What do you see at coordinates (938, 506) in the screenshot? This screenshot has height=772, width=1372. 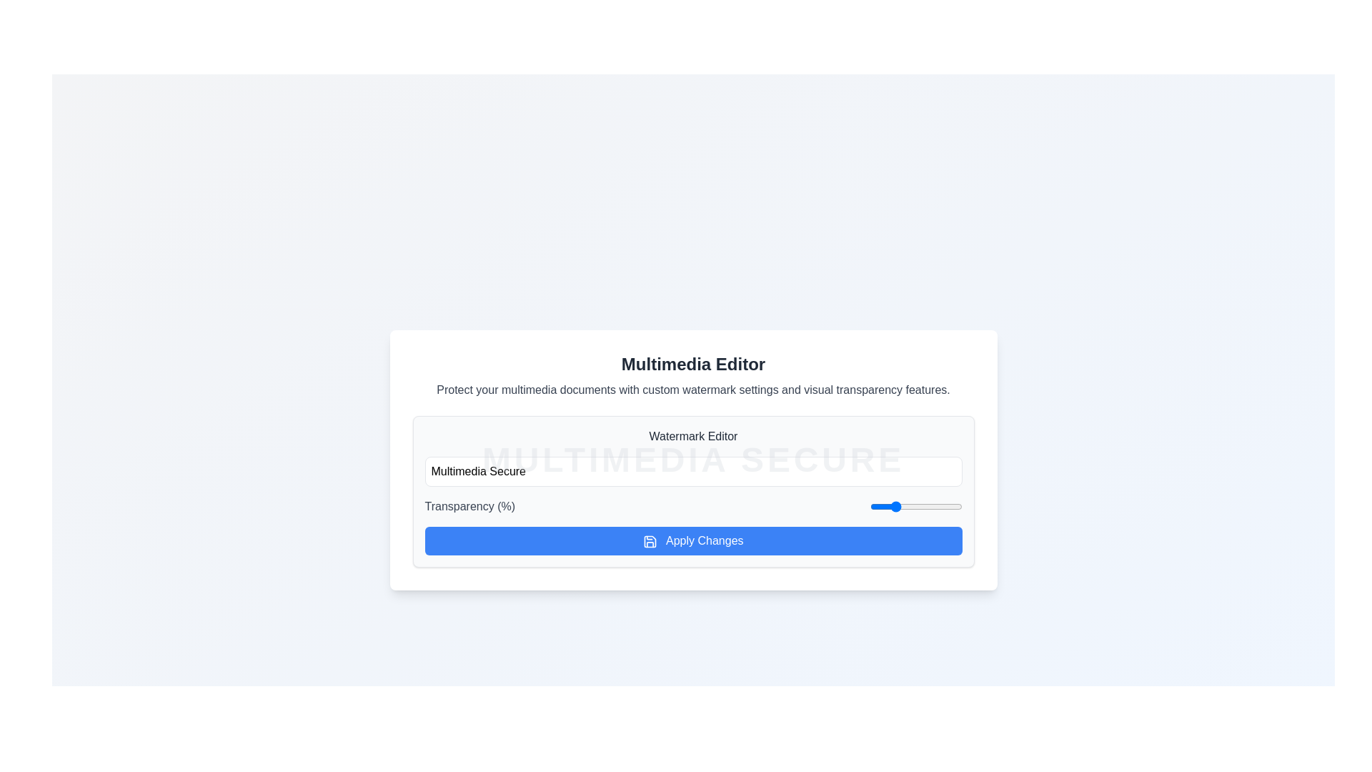 I see `the transparency slider` at bounding box center [938, 506].